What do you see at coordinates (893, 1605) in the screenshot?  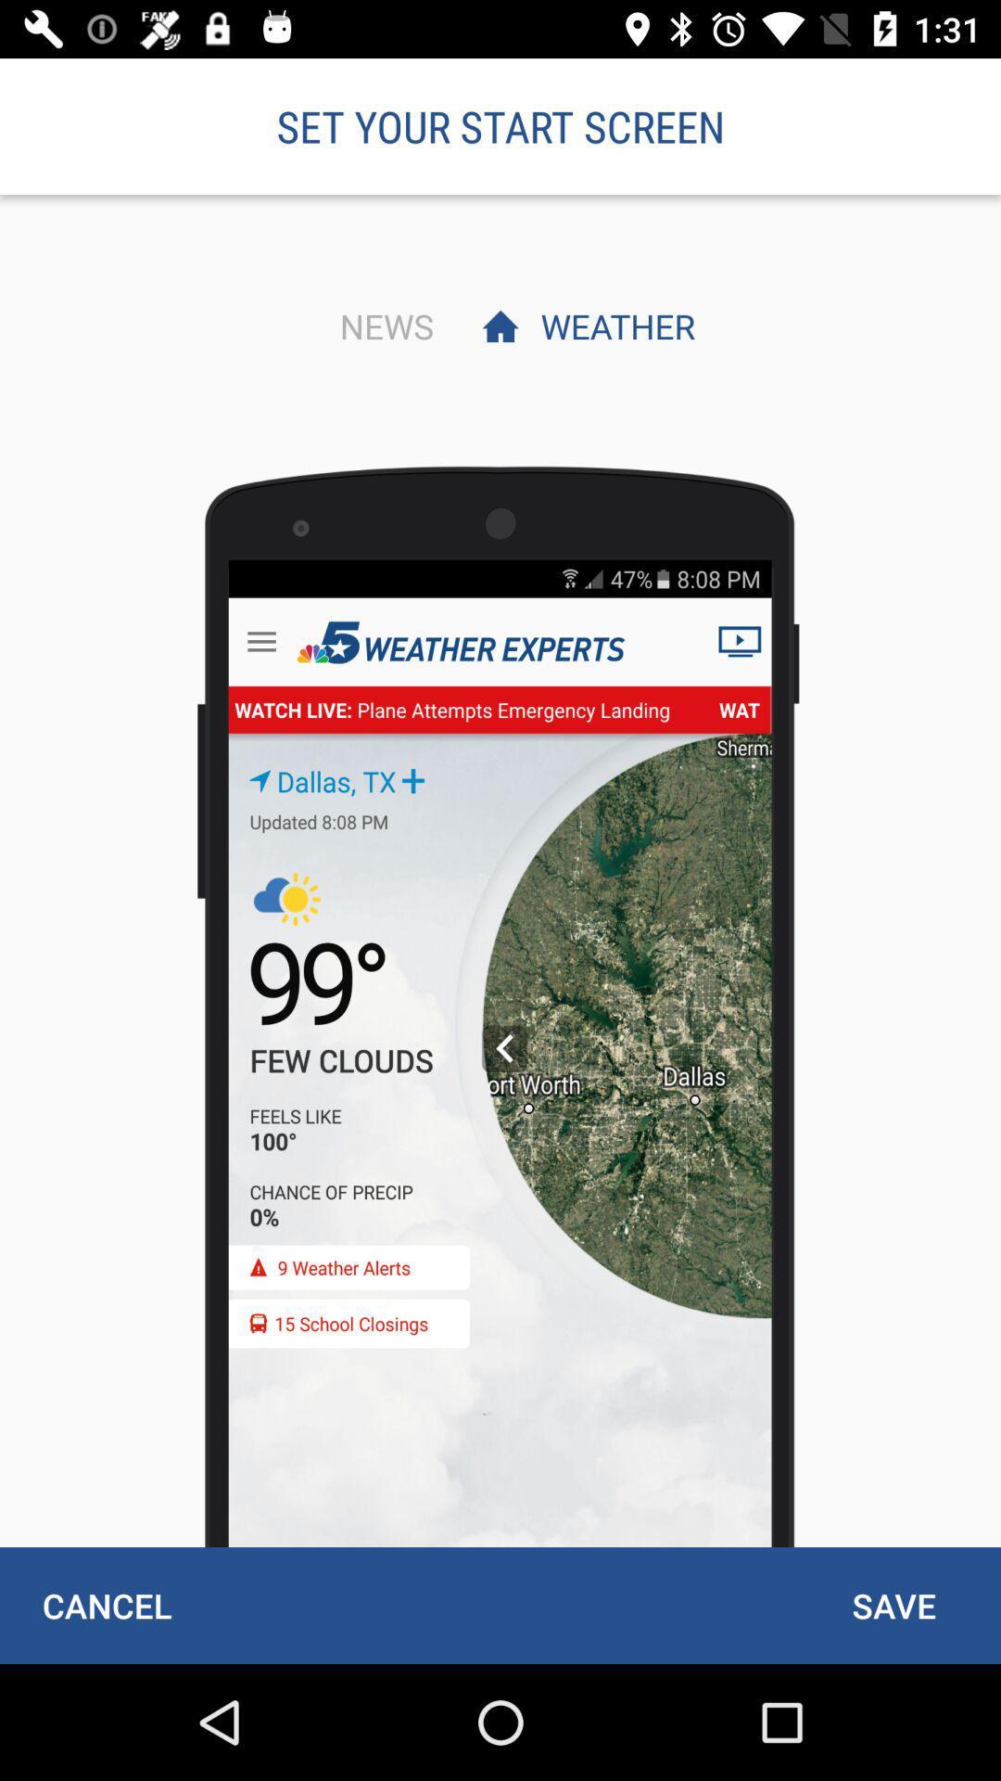 I see `the icon to the right of cancel` at bounding box center [893, 1605].